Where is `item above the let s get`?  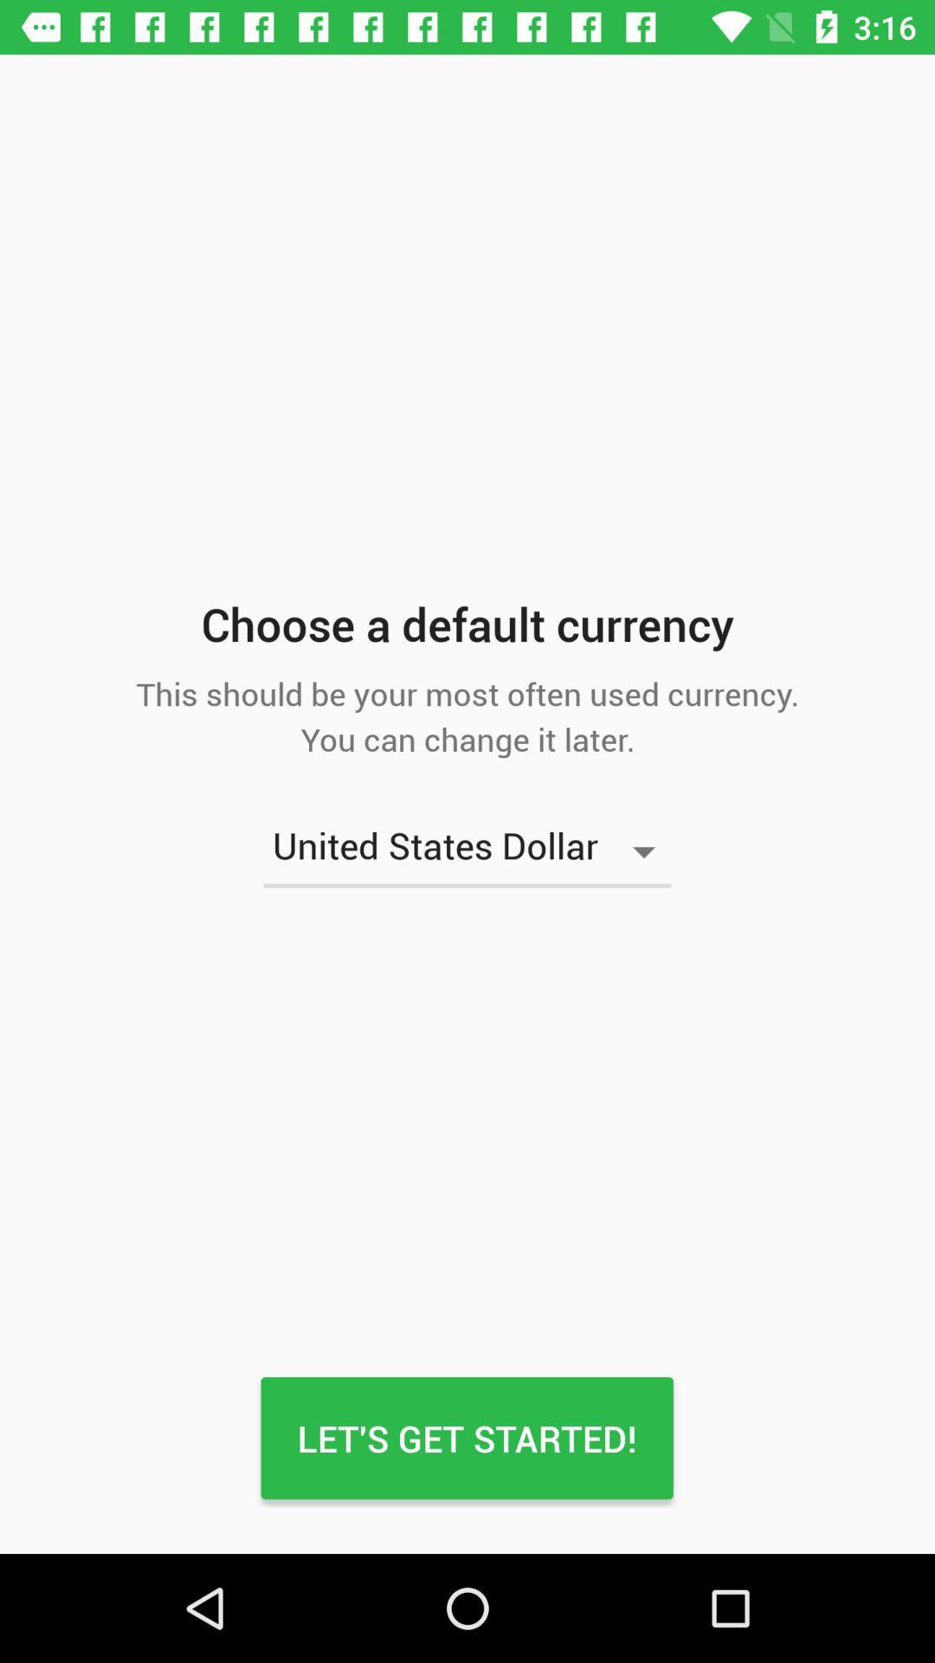
item above the let s get is located at coordinates (467, 851).